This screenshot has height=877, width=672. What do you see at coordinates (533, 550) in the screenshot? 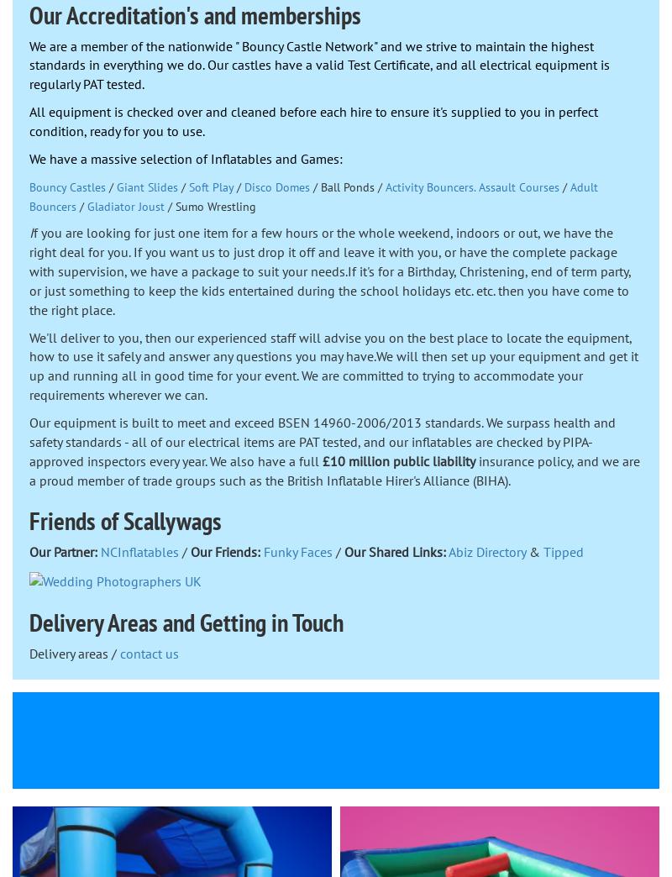
I see `'&'` at bounding box center [533, 550].